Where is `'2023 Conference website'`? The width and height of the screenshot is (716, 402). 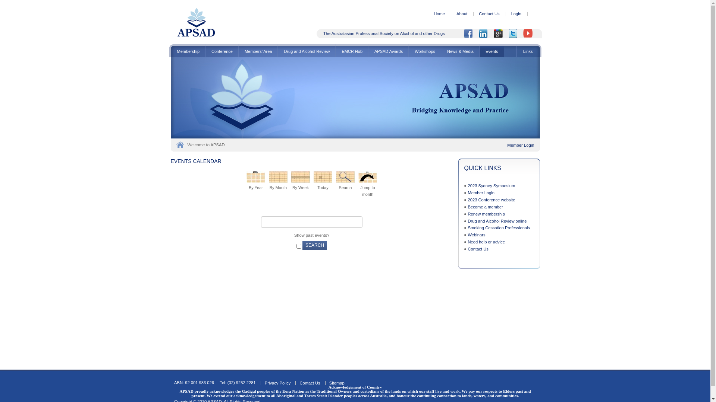
'2023 Conference website' is located at coordinates (491, 199).